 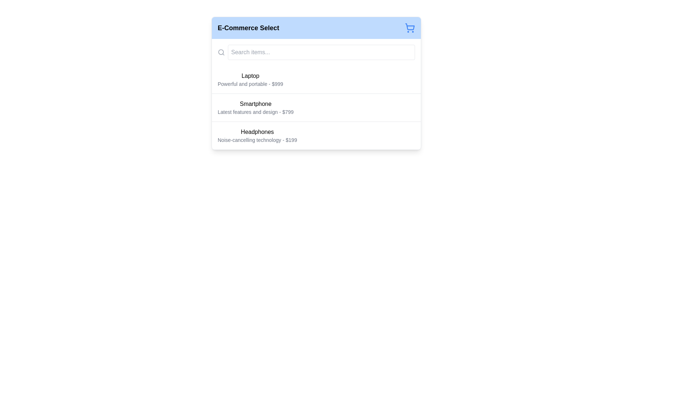 I want to click on the static text label that serves as the title of the product, positioned within the third item of the vertical list in the 'E-Commerce Select' section, above the text 'Noise-cancelling technology - $199', so click(x=257, y=132).